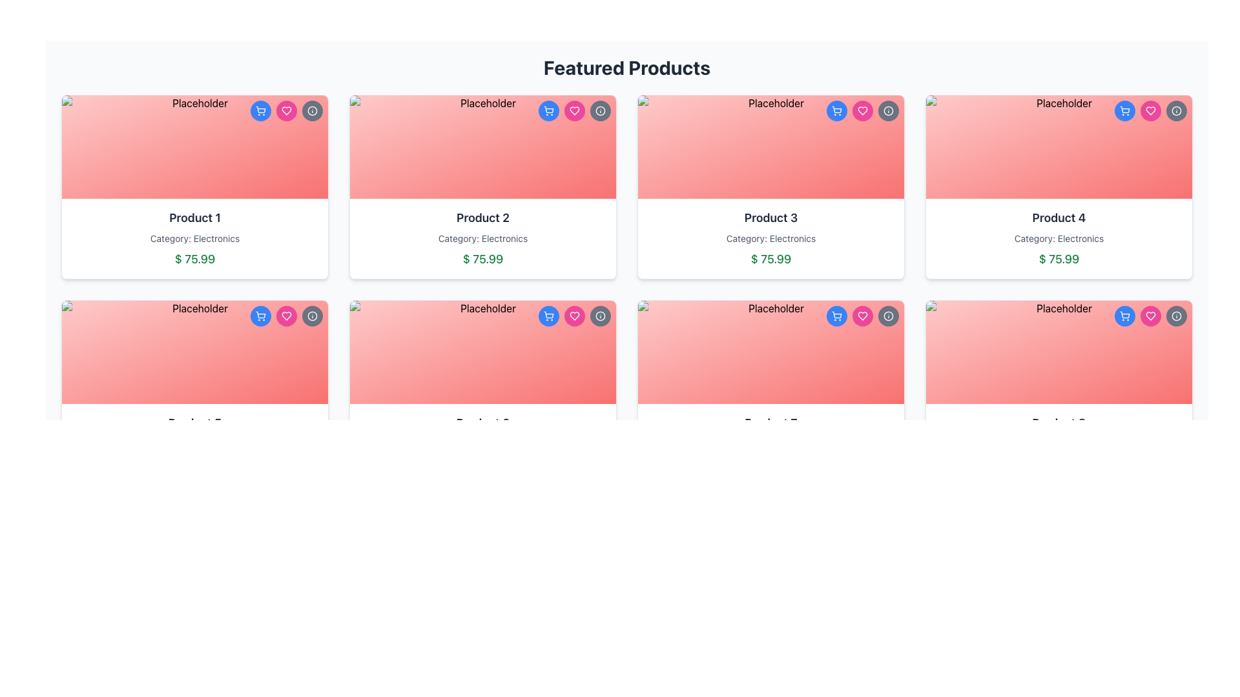  What do you see at coordinates (1177, 110) in the screenshot?
I see `the informational icon located in the top-right corner of the 'Product 4' card` at bounding box center [1177, 110].